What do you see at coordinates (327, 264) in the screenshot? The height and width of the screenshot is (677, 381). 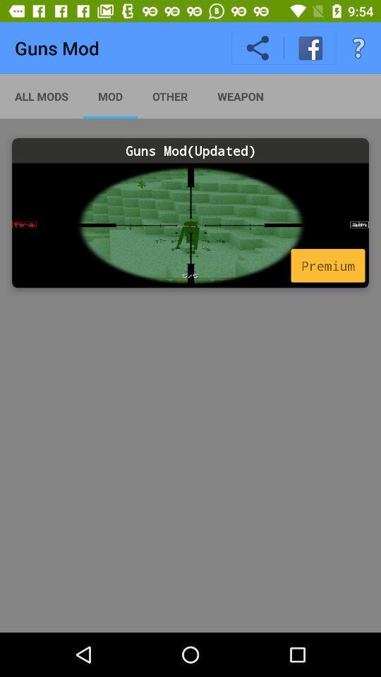 I see `the icon below guns mod(updated) icon` at bounding box center [327, 264].